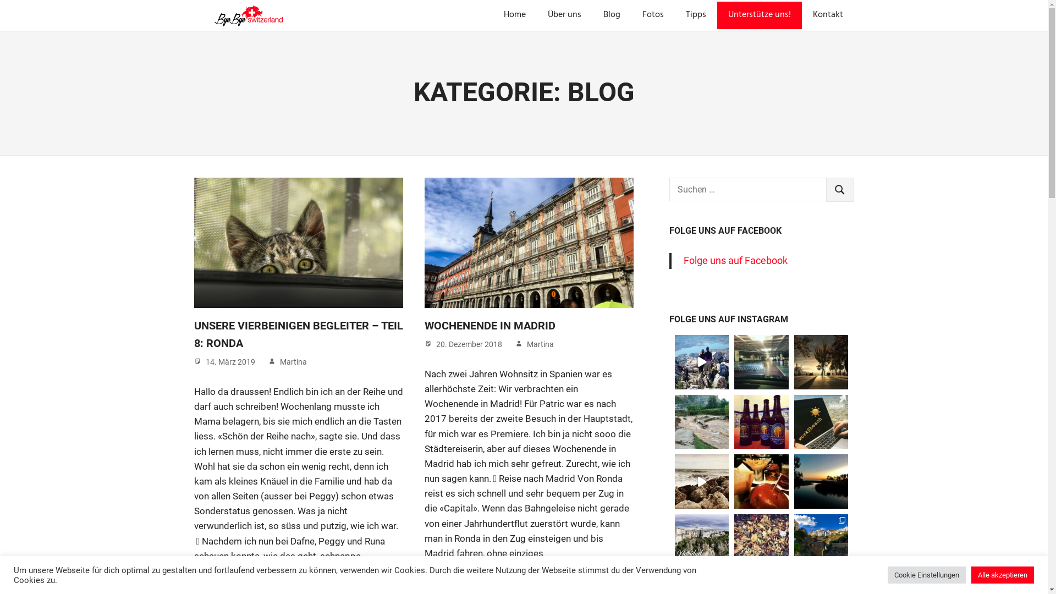 The width and height of the screenshot is (1056, 594). I want to click on 'SUCHEN', so click(826, 189).